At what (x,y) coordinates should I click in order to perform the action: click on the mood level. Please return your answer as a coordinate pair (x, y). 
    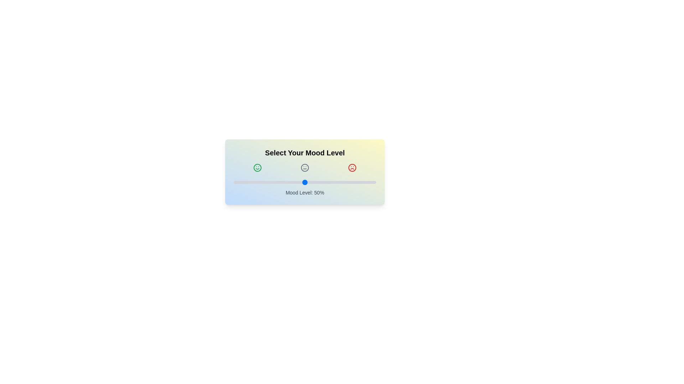
    Looking at the image, I should click on (246, 182).